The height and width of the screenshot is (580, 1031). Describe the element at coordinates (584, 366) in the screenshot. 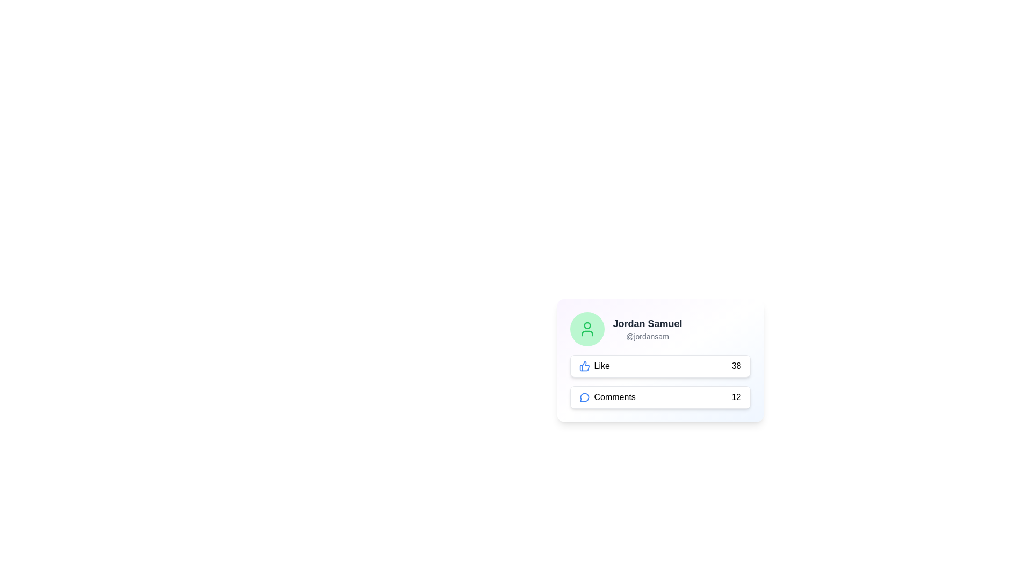

I see `the association of the thumbs-up icon with the 'Like' label` at that location.